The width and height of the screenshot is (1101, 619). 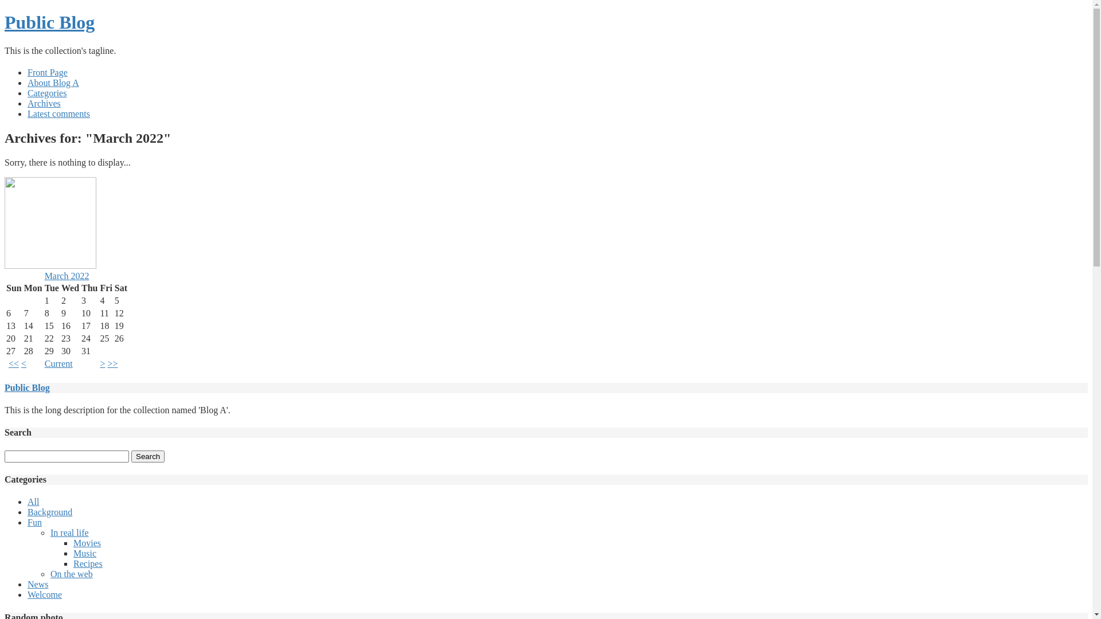 What do you see at coordinates (44, 363) in the screenshot?
I see `'Current'` at bounding box center [44, 363].